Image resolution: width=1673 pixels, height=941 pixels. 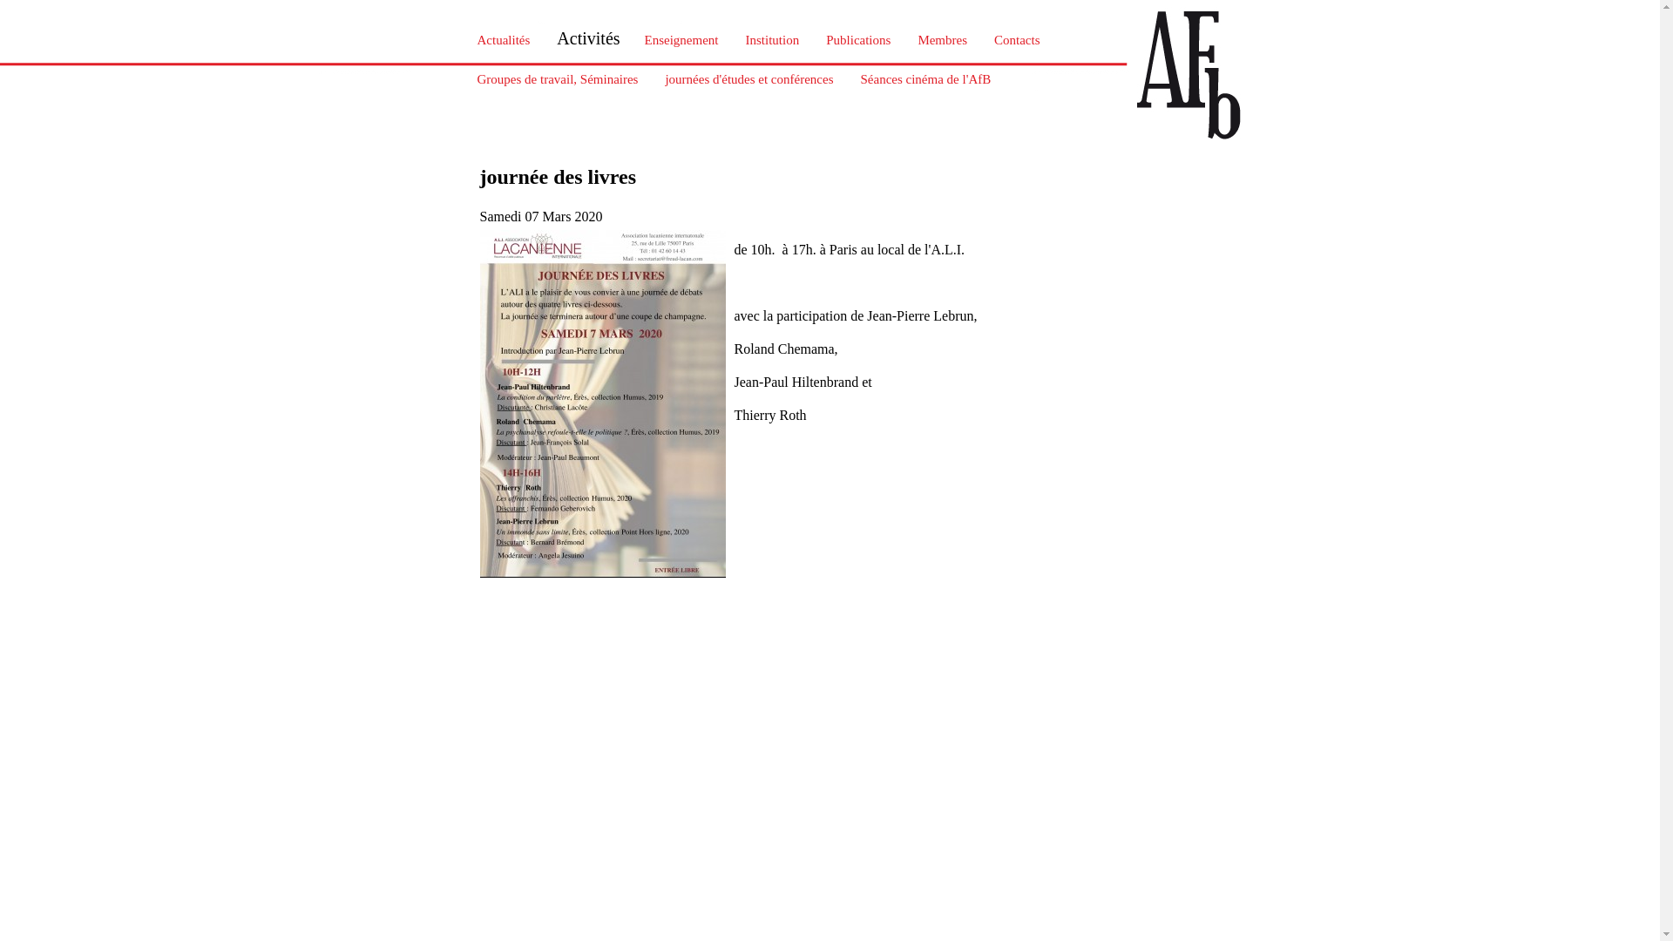 What do you see at coordinates (857, 39) in the screenshot?
I see `'Publications'` at bounding box center [857, 39].